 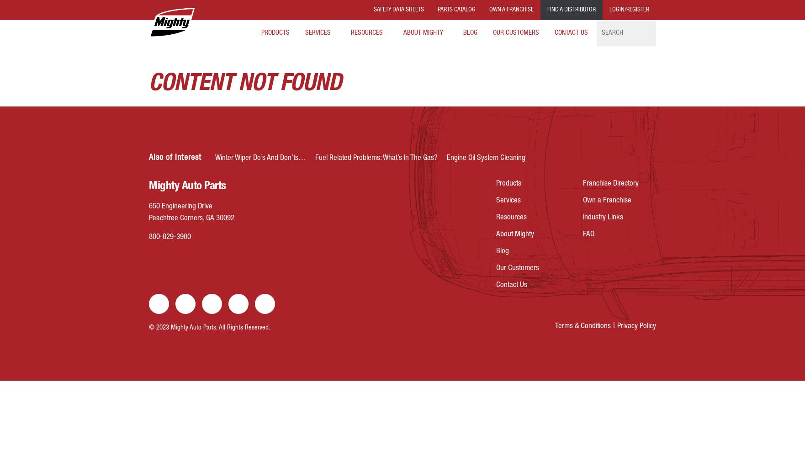 What do you see at coordinates (447, 158) in the screenshot?
I see `'Engine Oil System Cleaning'` at bounding box center [447, 158].